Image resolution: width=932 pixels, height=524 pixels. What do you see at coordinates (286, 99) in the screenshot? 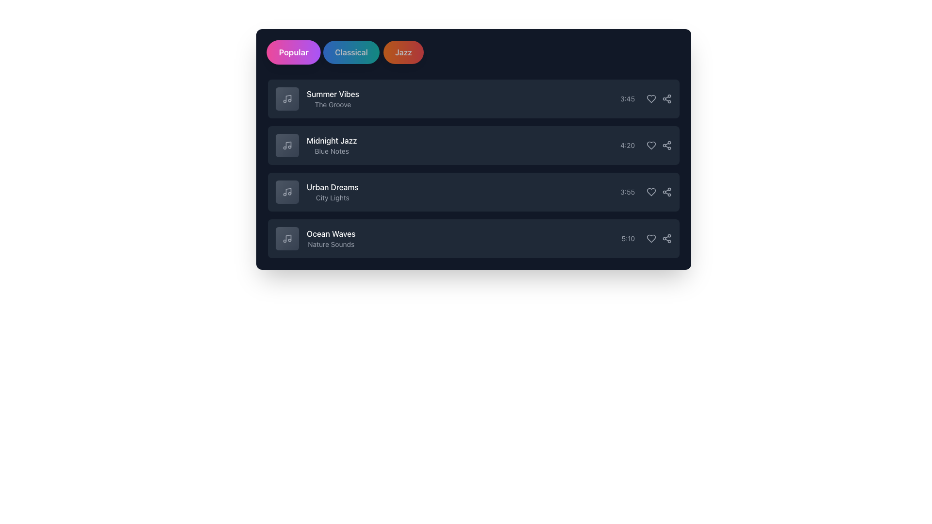
I see `the musical note SVG graphic icon located to the left of the text 'Summer Vibes'` at bounding box center [286, 99].